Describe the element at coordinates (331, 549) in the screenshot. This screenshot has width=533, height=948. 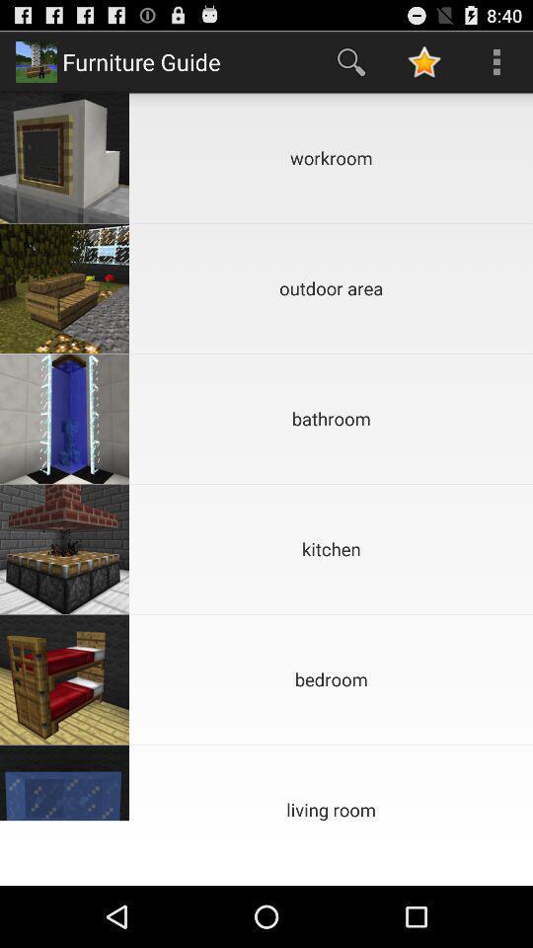
I see `kitchen icon` at that location.